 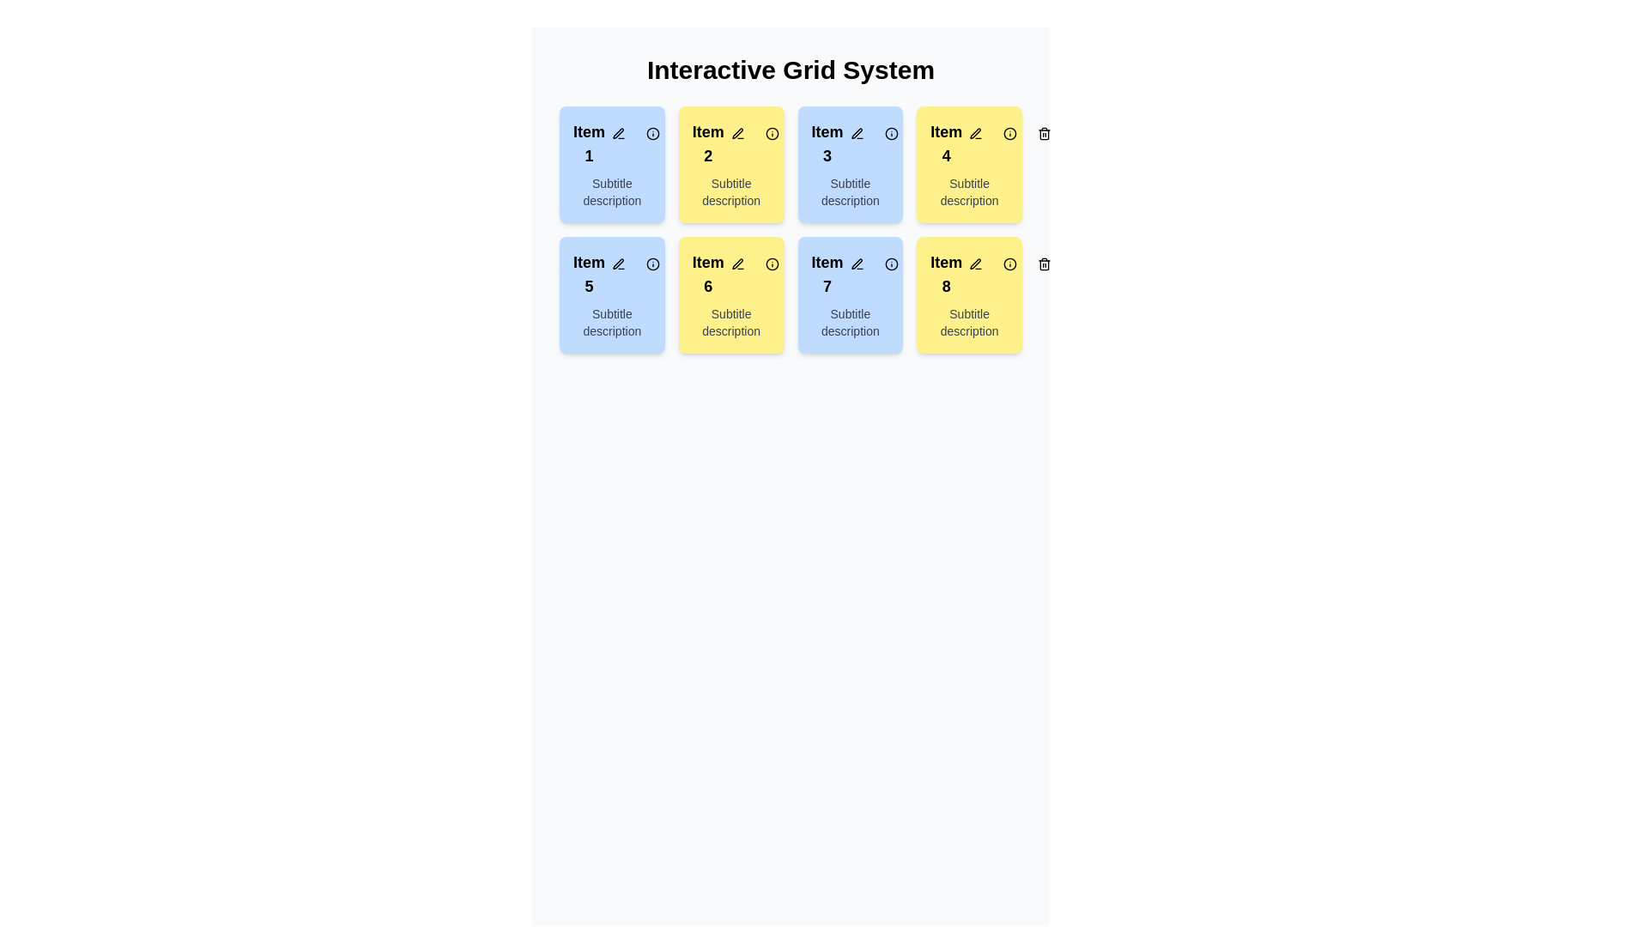 I want to click on the static text label that serves as the title for the first item in the grid layout, located at the top-left corner of the interactive grid system, so click(x=589, y=143).